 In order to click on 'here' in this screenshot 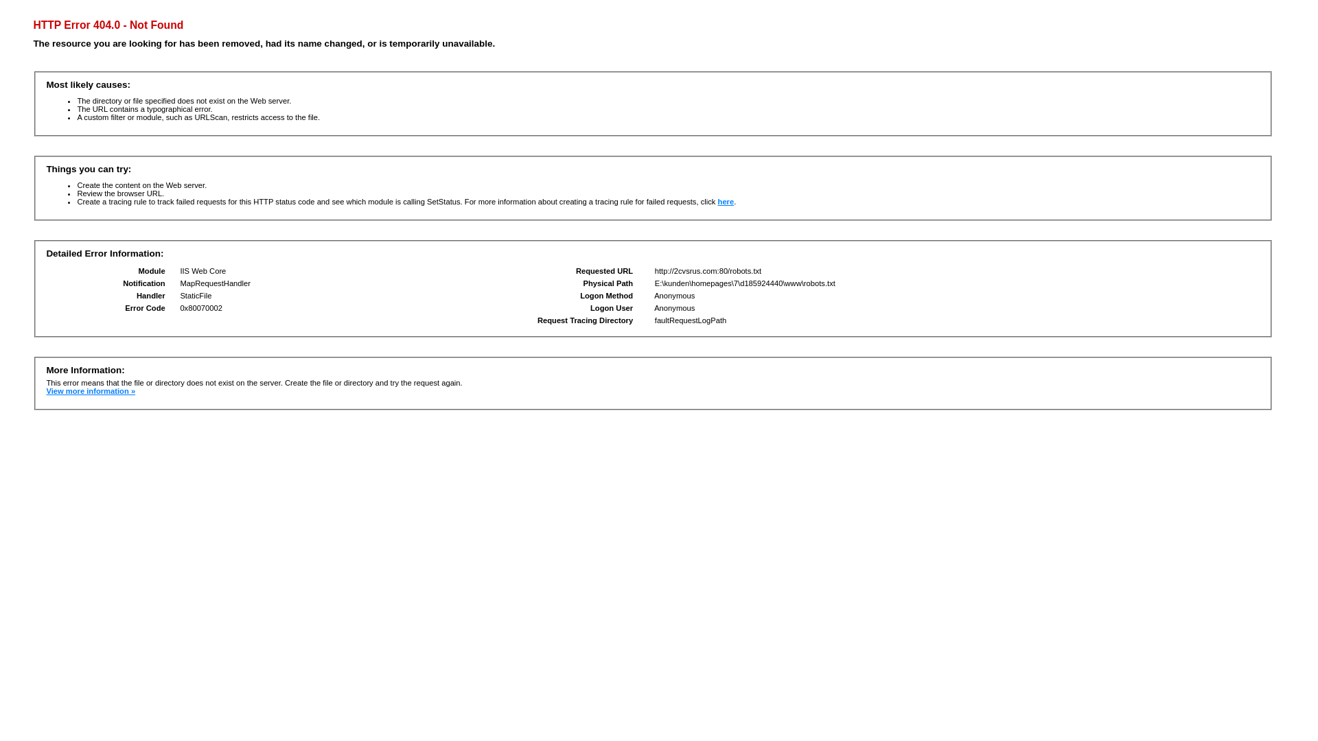, I will do `click(717, 201)`.